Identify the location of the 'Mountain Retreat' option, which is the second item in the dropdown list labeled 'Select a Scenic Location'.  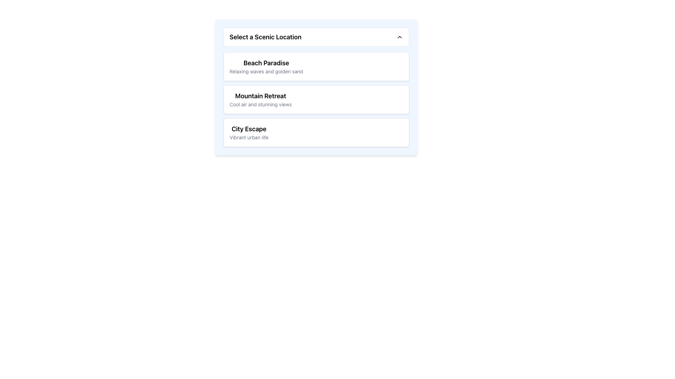
(316, 87).